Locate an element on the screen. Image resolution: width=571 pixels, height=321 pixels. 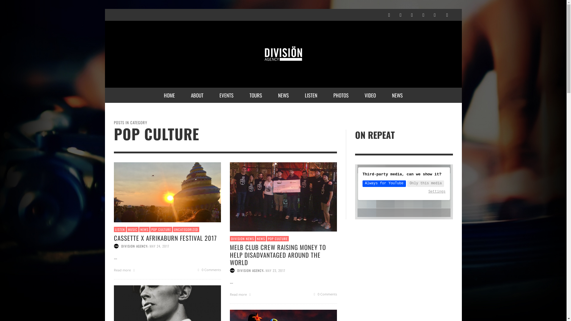
'Youtube' is located at coordinates (435, 15).